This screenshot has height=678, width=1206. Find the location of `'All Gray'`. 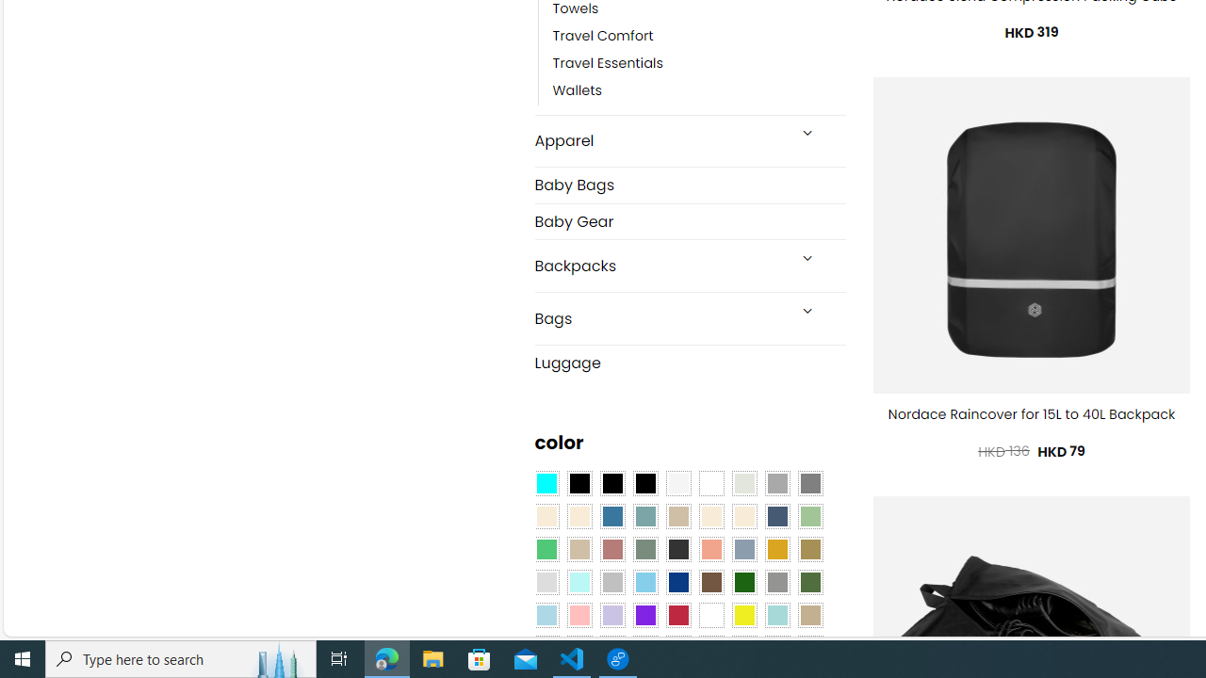

'All Gray' is located at coordinates (810, 483).